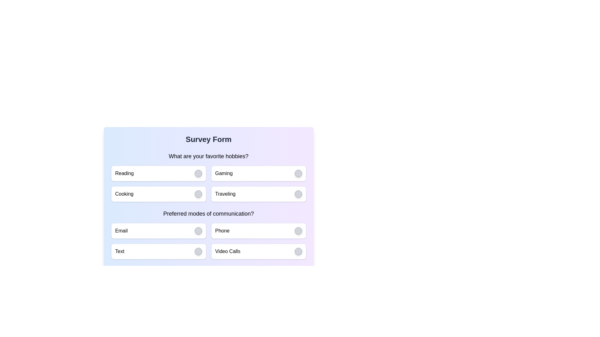  I want to click on the toggle button in the grid layout for selecting preferred modes of communication, located in the lower section of the interface, so click(208, 241).